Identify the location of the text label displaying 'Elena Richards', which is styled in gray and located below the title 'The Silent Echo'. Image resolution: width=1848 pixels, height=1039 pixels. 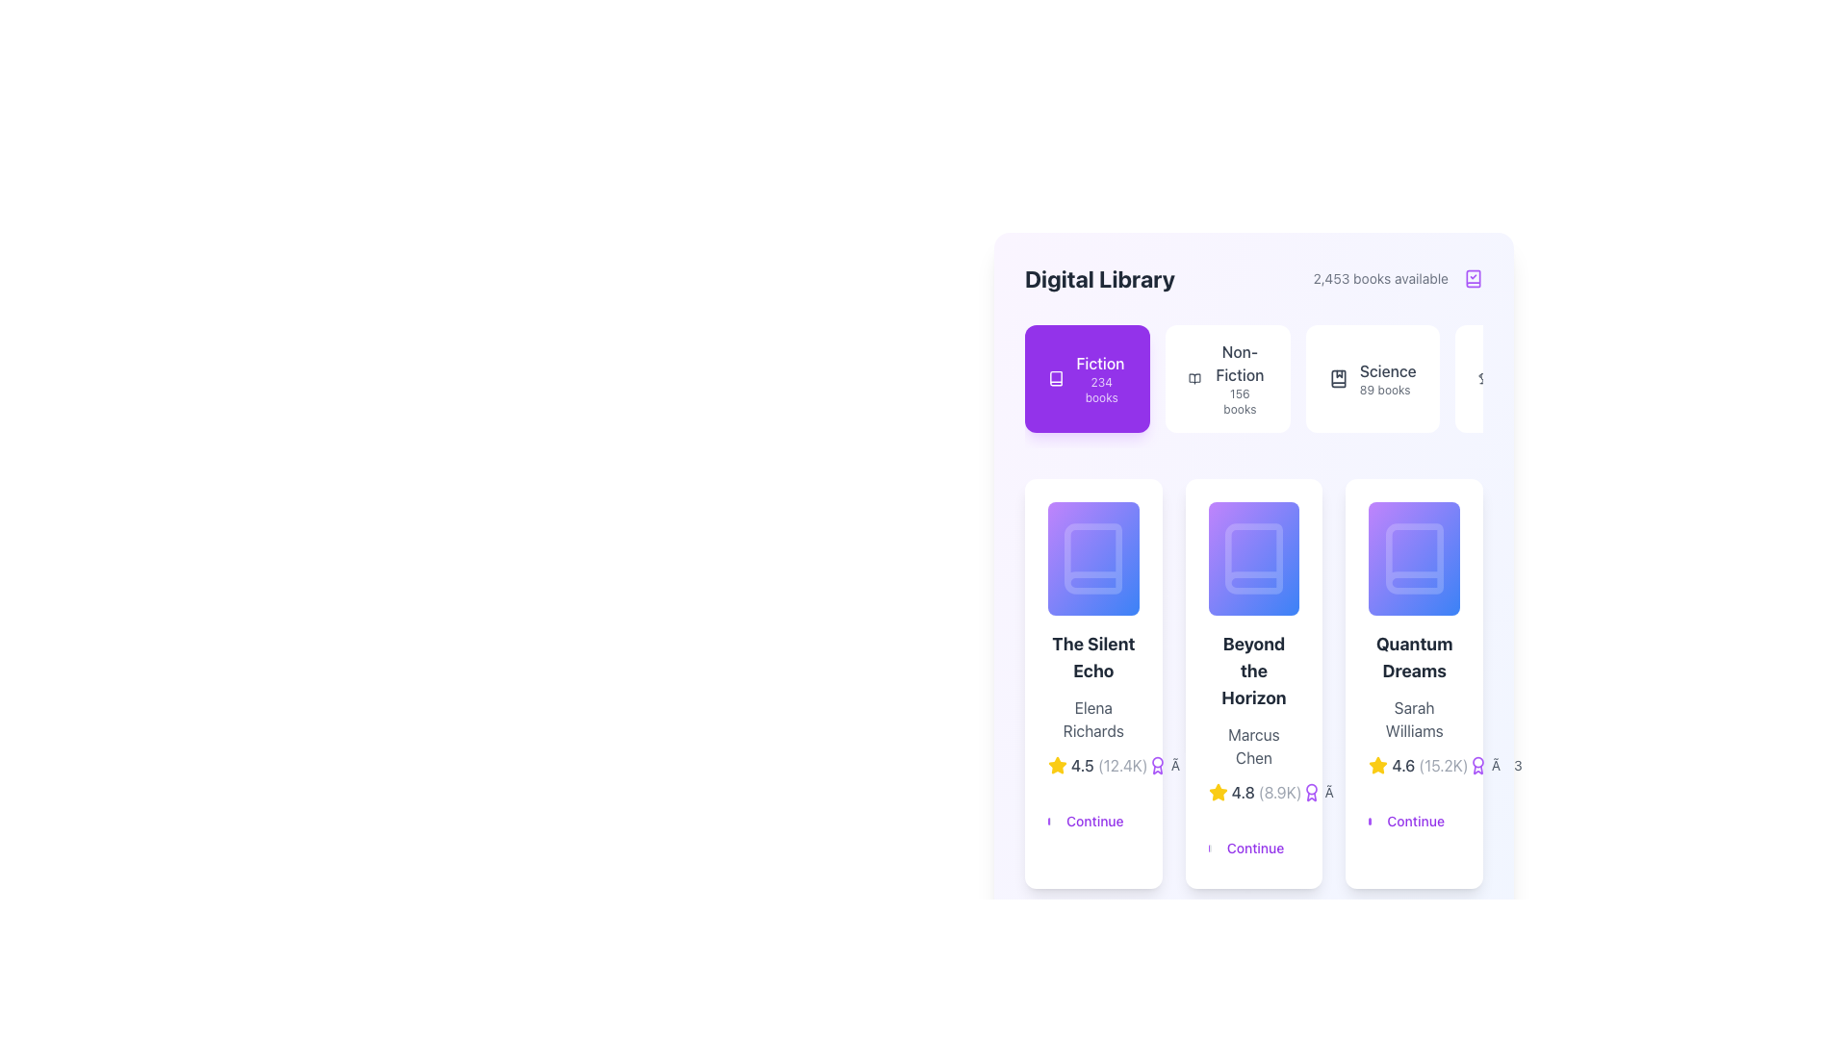
(1093, 720).